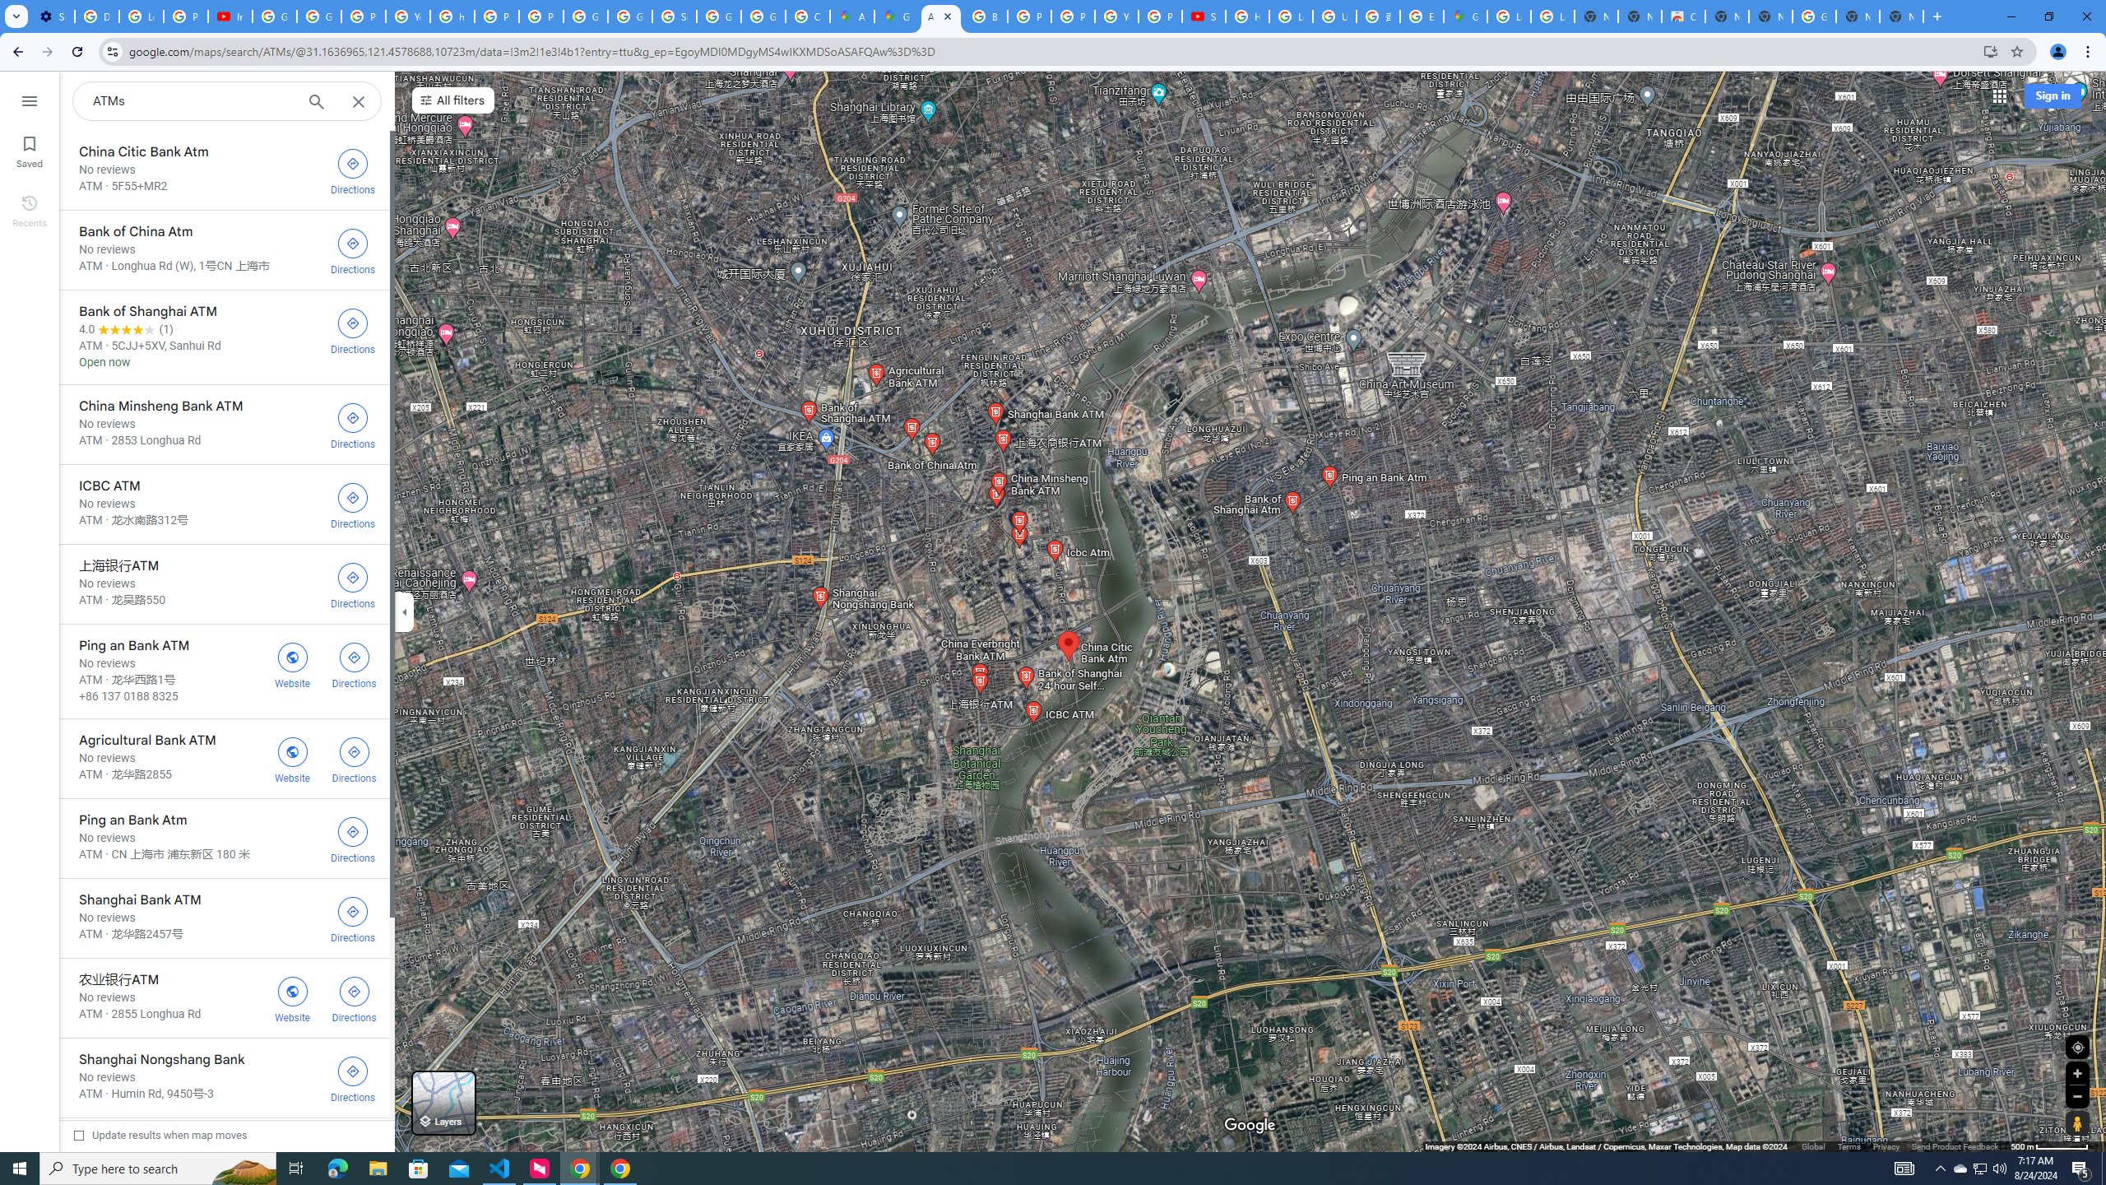 The height and width of the screenshot is (1185, 2106). Describe the element at coordinates (224, 671) in the screenshot. I see `'Ping an Bank ATM'` at that location.